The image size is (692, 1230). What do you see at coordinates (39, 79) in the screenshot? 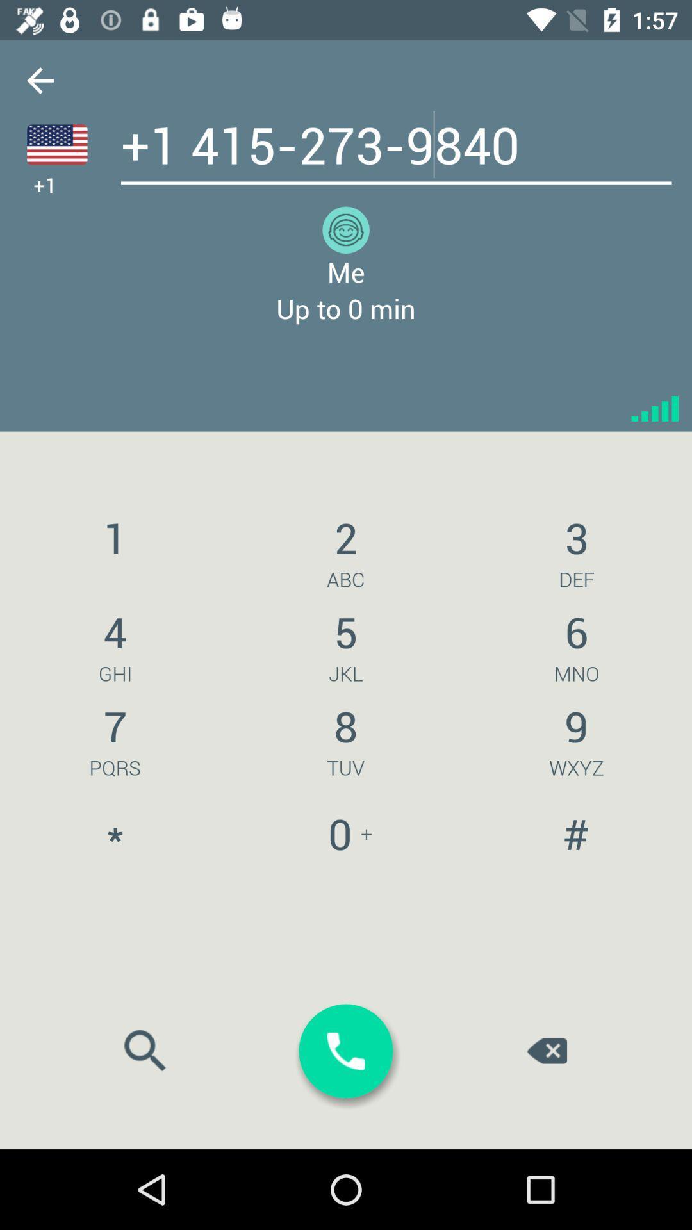
I see `the arrow_backward icon` at bounding box center [39, 79].